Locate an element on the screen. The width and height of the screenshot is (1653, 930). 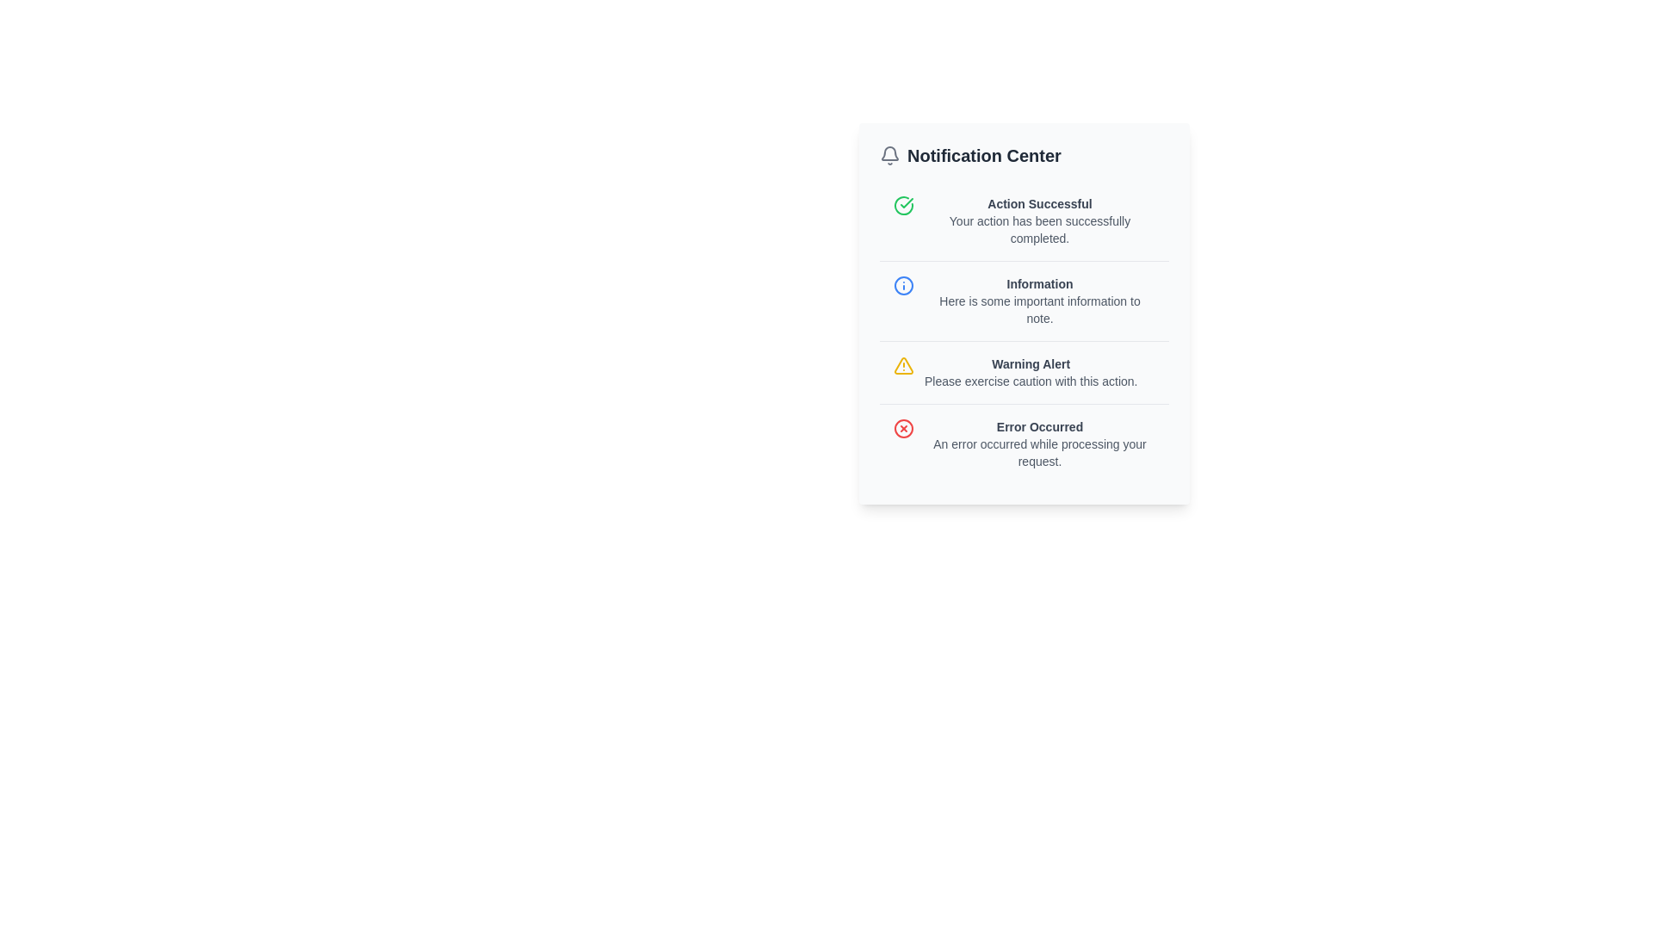
the circular element with a blue border and transparent fill, which is part of the icon next to the 'Information' message is located at coordinates (903, 284).